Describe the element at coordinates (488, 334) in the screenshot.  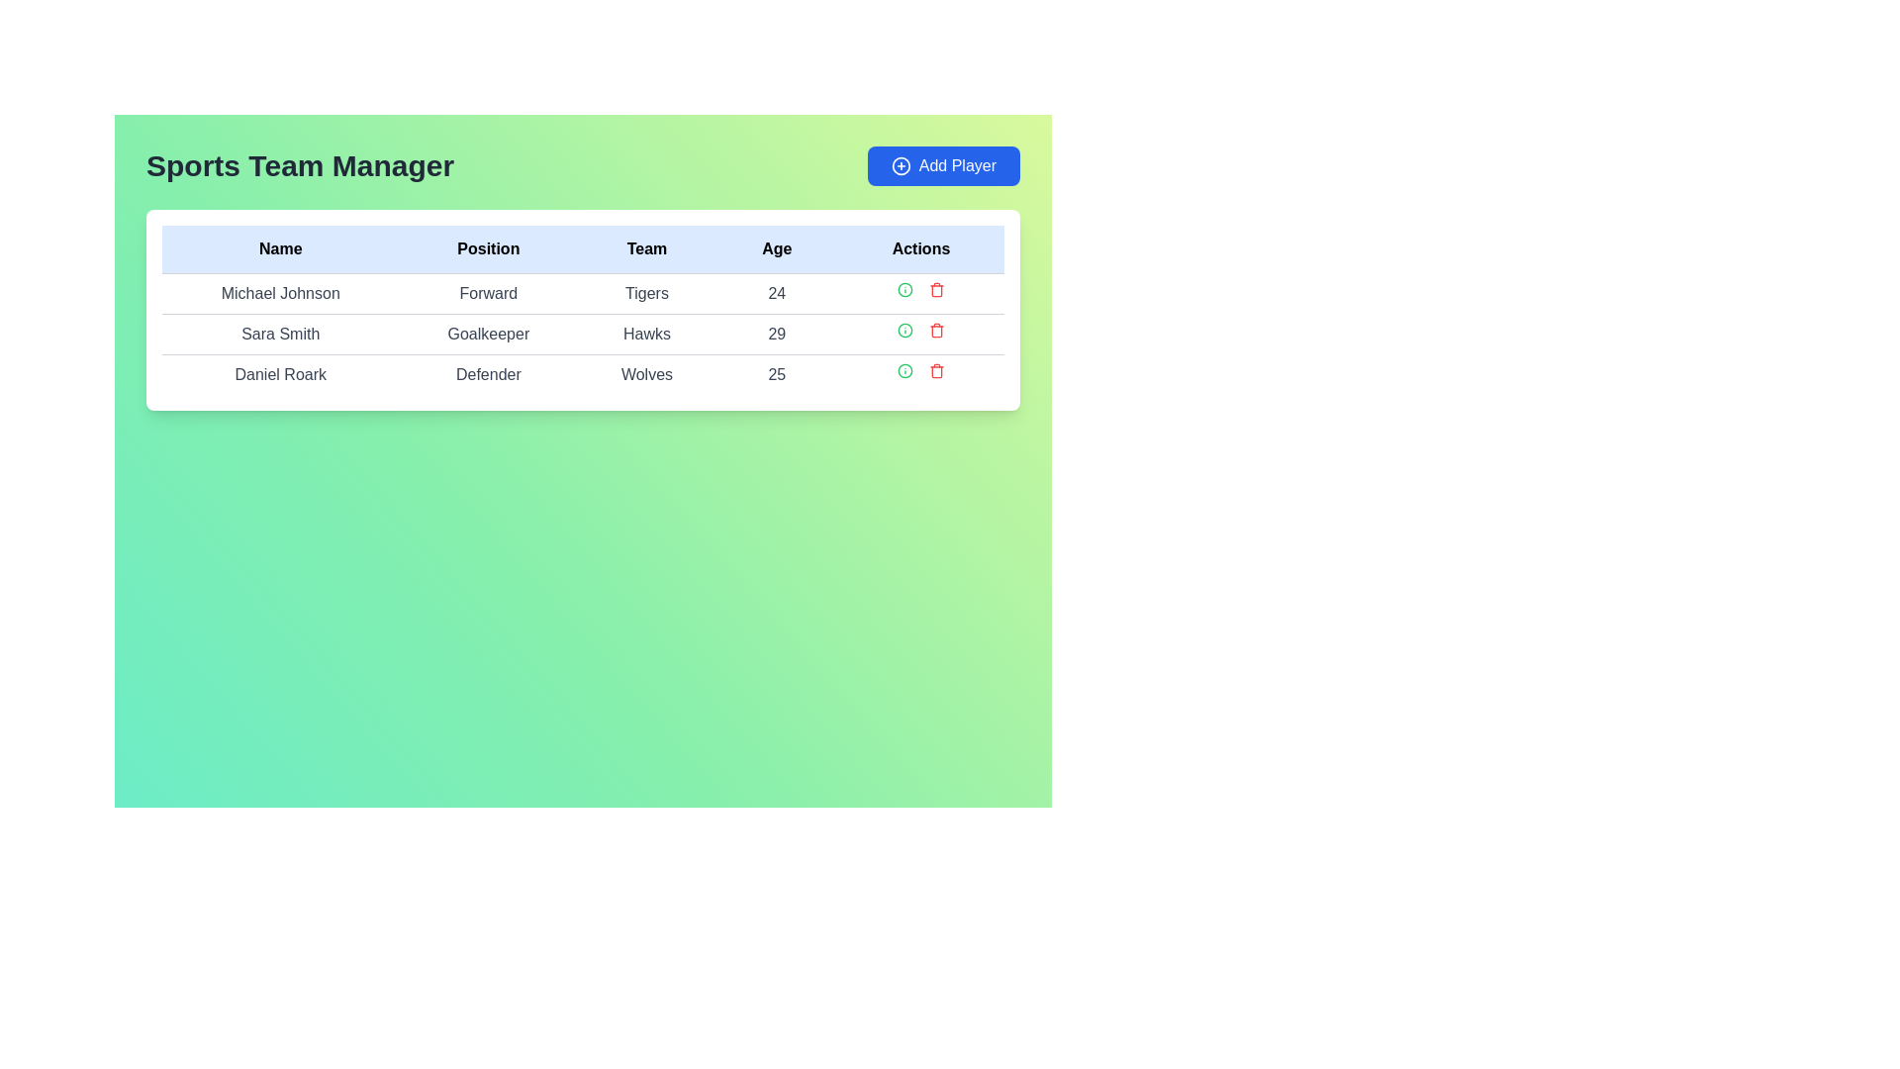
I see `the 'Goalkeeper' text label in the second row of the table, which is located under the 'Position' column, adjacent to 'Sara Smith' on the left and 'Hawks' on the right` at that location.